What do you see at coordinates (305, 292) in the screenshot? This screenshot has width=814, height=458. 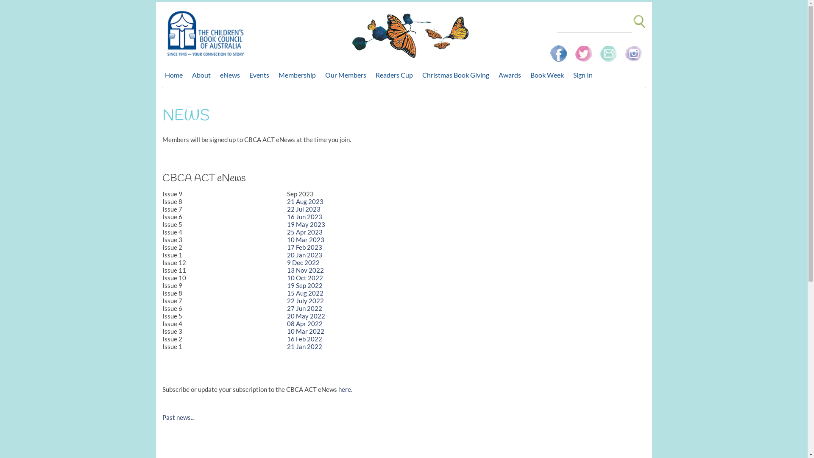 I see `'15 Aug 2022'` at bounding box center [305, 292].